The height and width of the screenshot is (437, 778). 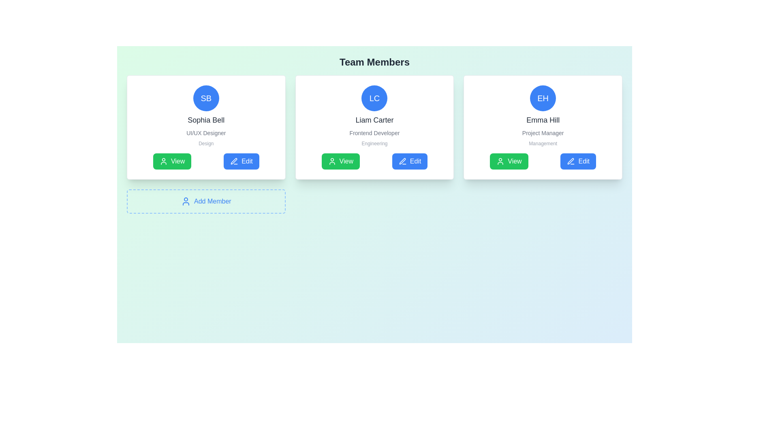 I want to click on the green 'View' button with rounded edges located in the middle card of a three-card layout, so click(x=340, y=161).